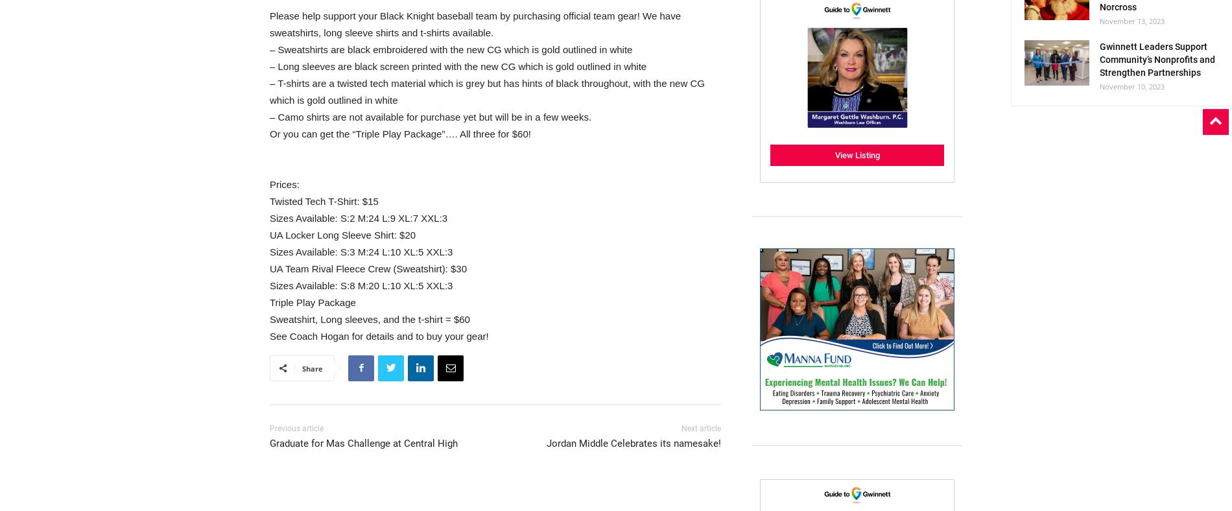 This screenshot has height=511, width=1232. Describe the element at coordinates (359, 217) in the screenshot. I see `'Sizes Available: S:2 M:24 L:9 XL:7 XXL:3'` at that location.